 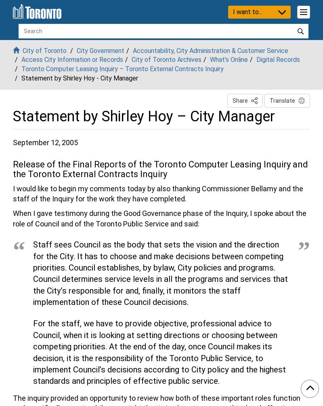 What do you see at coordinates (100, 50) in the screenshot?
I see `'City Government'` at bounding box center [100, 50].